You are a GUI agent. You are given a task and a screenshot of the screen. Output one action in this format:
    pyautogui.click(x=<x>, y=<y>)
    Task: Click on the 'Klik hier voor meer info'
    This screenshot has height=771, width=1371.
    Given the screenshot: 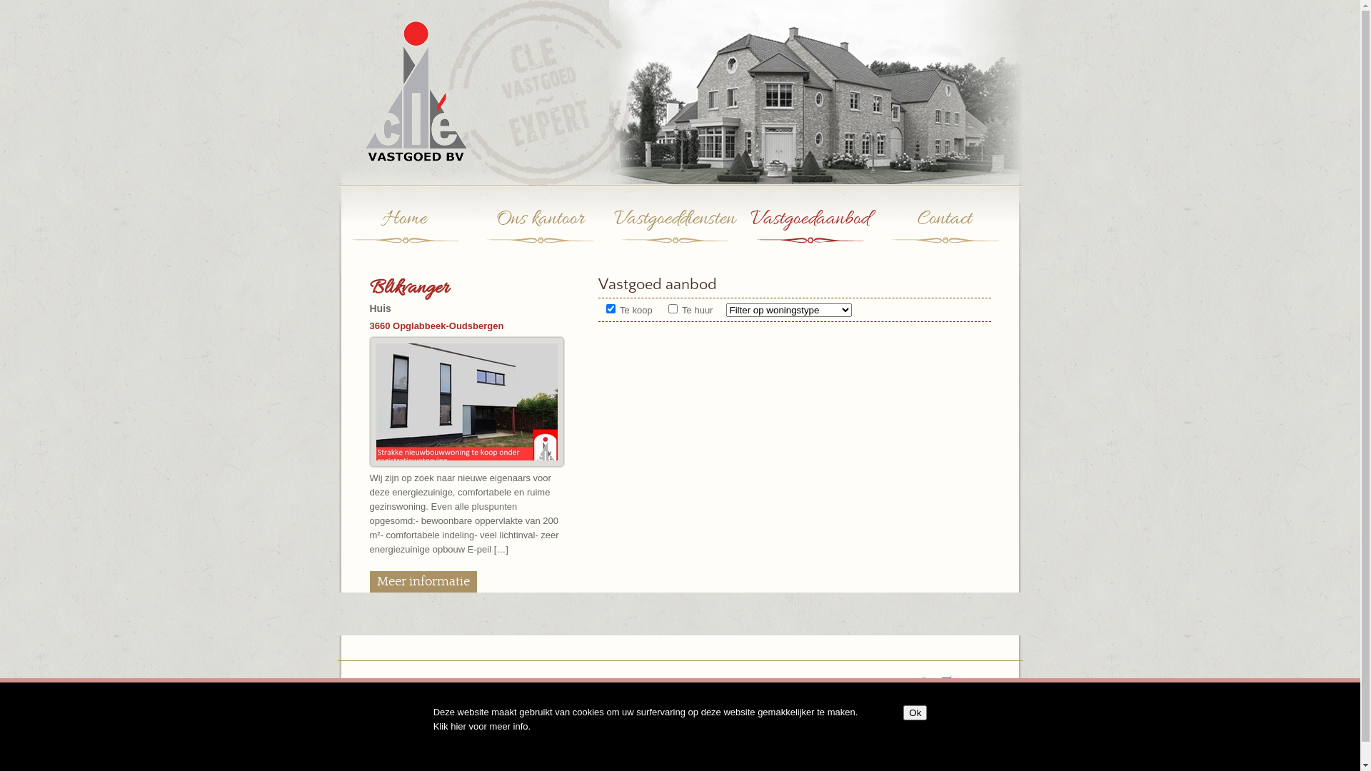 What is the action you would take?
    pyautogui.click(x=481, y=726)
    